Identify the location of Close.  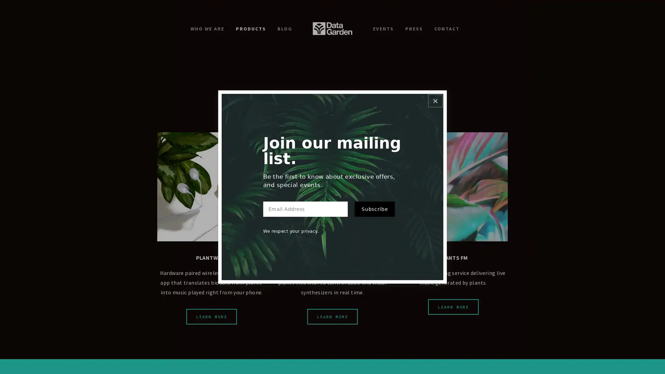
(435, 96).